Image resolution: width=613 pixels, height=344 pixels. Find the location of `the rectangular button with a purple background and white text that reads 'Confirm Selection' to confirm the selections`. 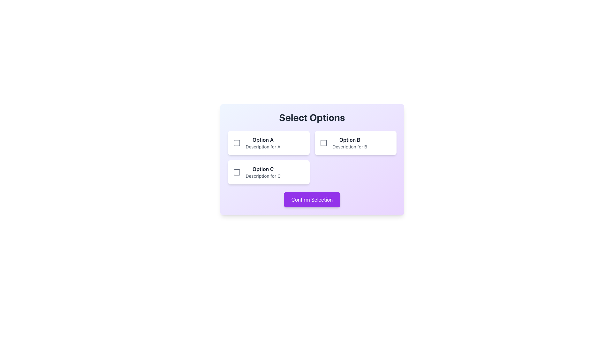

the rectangular button with a purple background and white text that reads 'Confirm Selection' to confirm the selections is located at coordinates (312, 199).